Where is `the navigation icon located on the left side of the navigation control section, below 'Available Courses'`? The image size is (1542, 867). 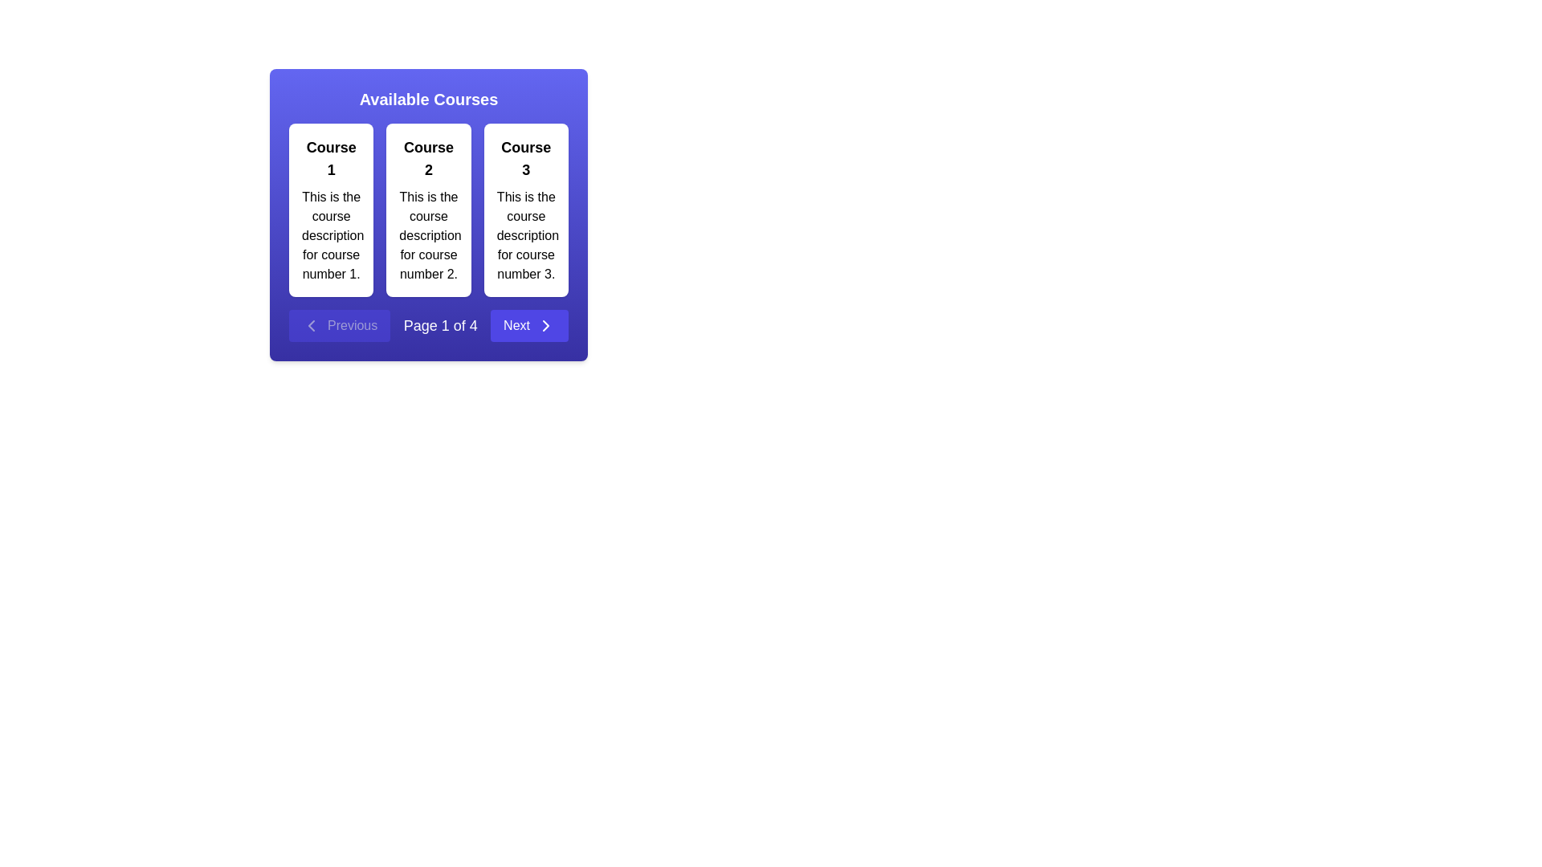
the navigation icon located on the left side of the navigation control section, below 'Available Courses' is located at coordinates (312, 325).